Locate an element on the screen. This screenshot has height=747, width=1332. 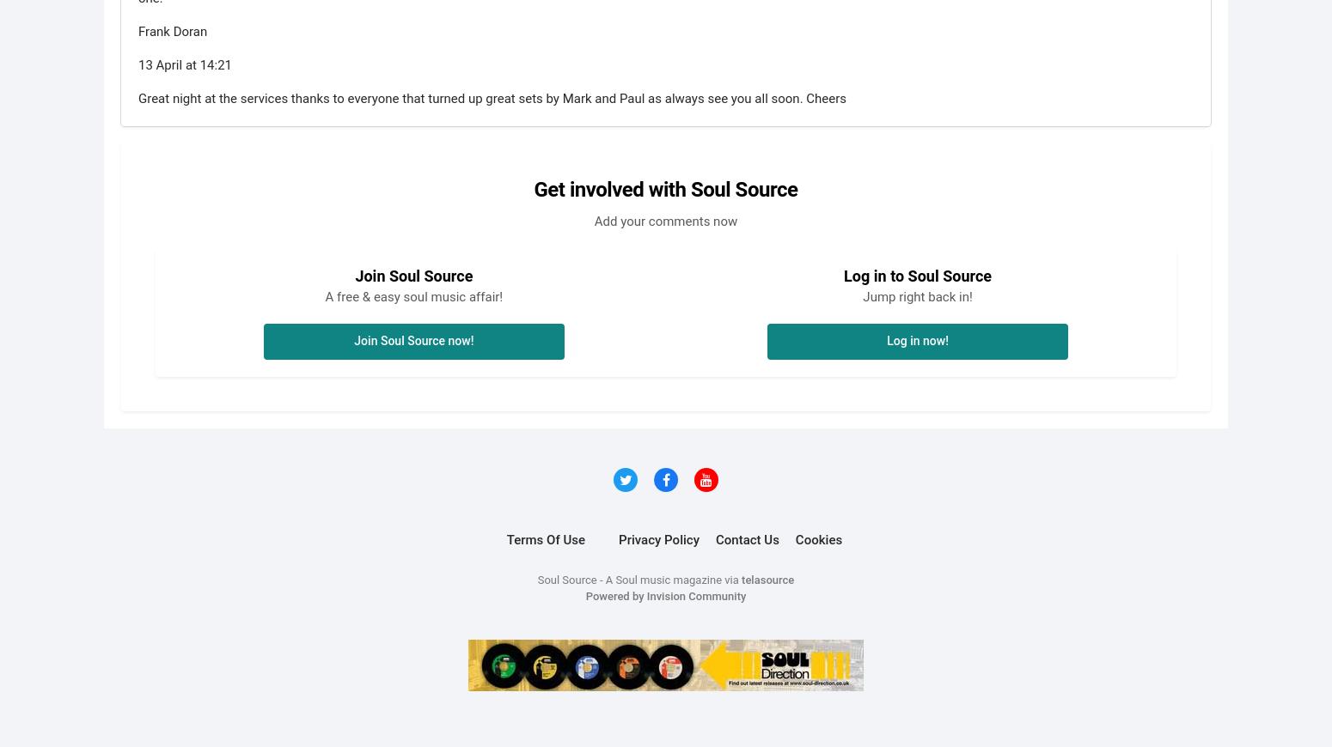
'Terms Of Use' is located at coordinates (545, 537).